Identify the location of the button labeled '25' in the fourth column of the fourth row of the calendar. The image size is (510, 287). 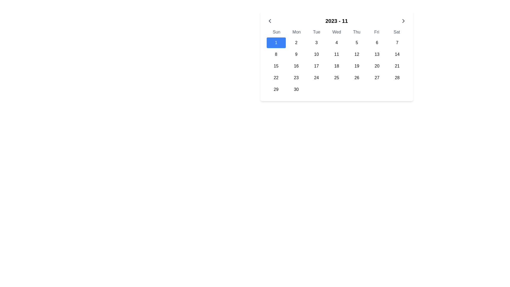
(336, 78).